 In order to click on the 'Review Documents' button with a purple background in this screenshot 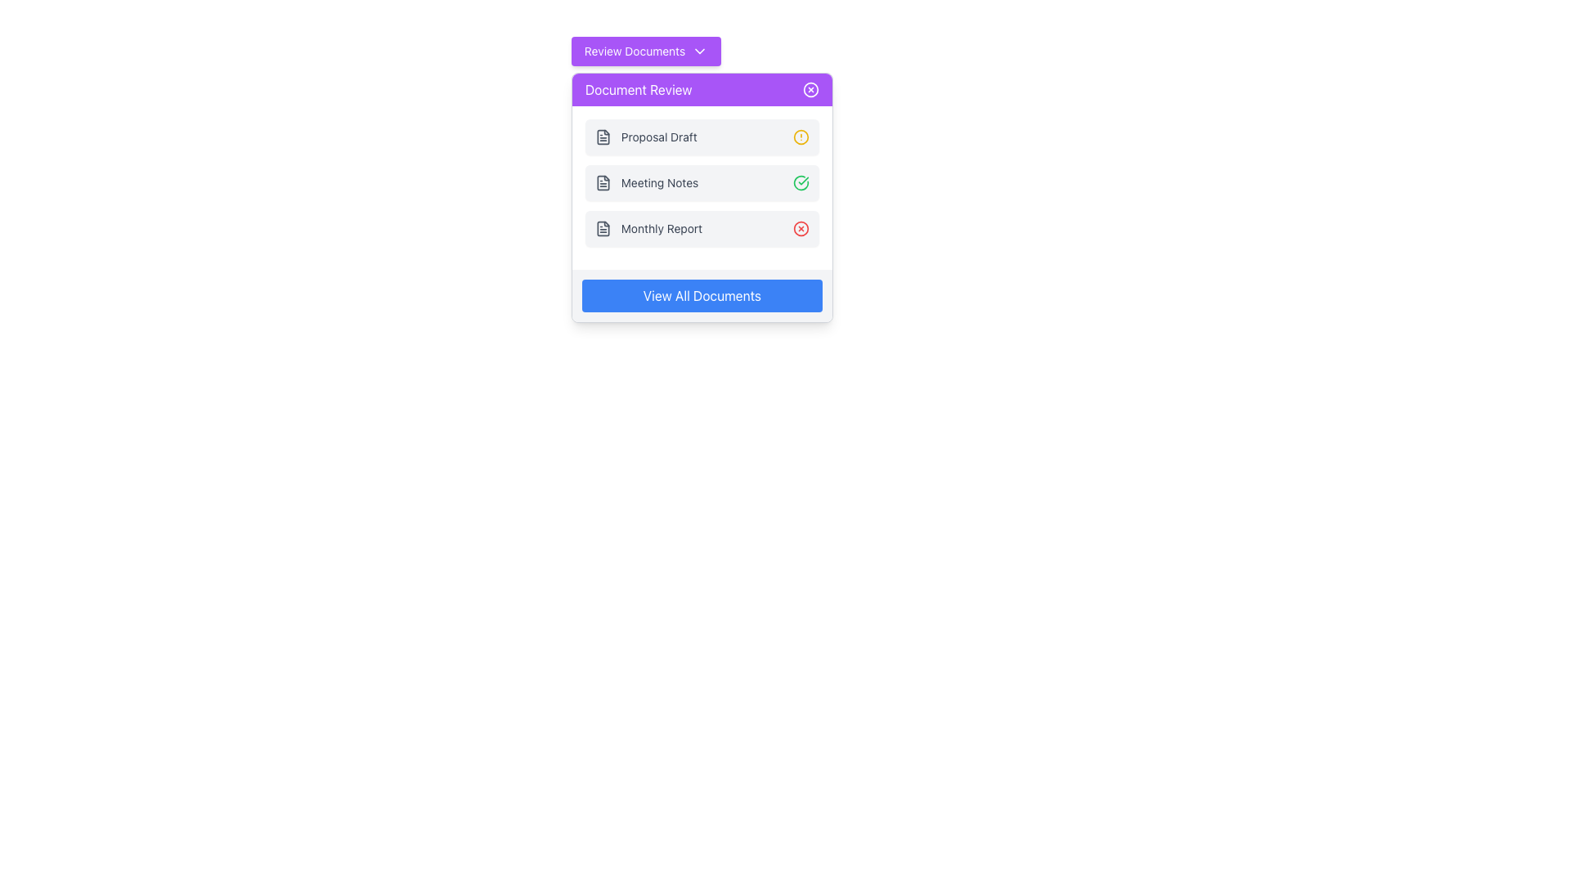, I will do `click(645, 50)`.